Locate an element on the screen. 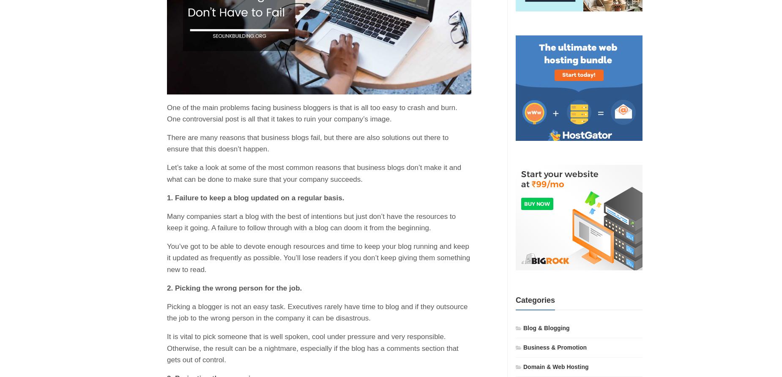 The width and height of the screenshot is (782, 377). 'Domain & Web Hosting' is located at coordinates (555, 366).